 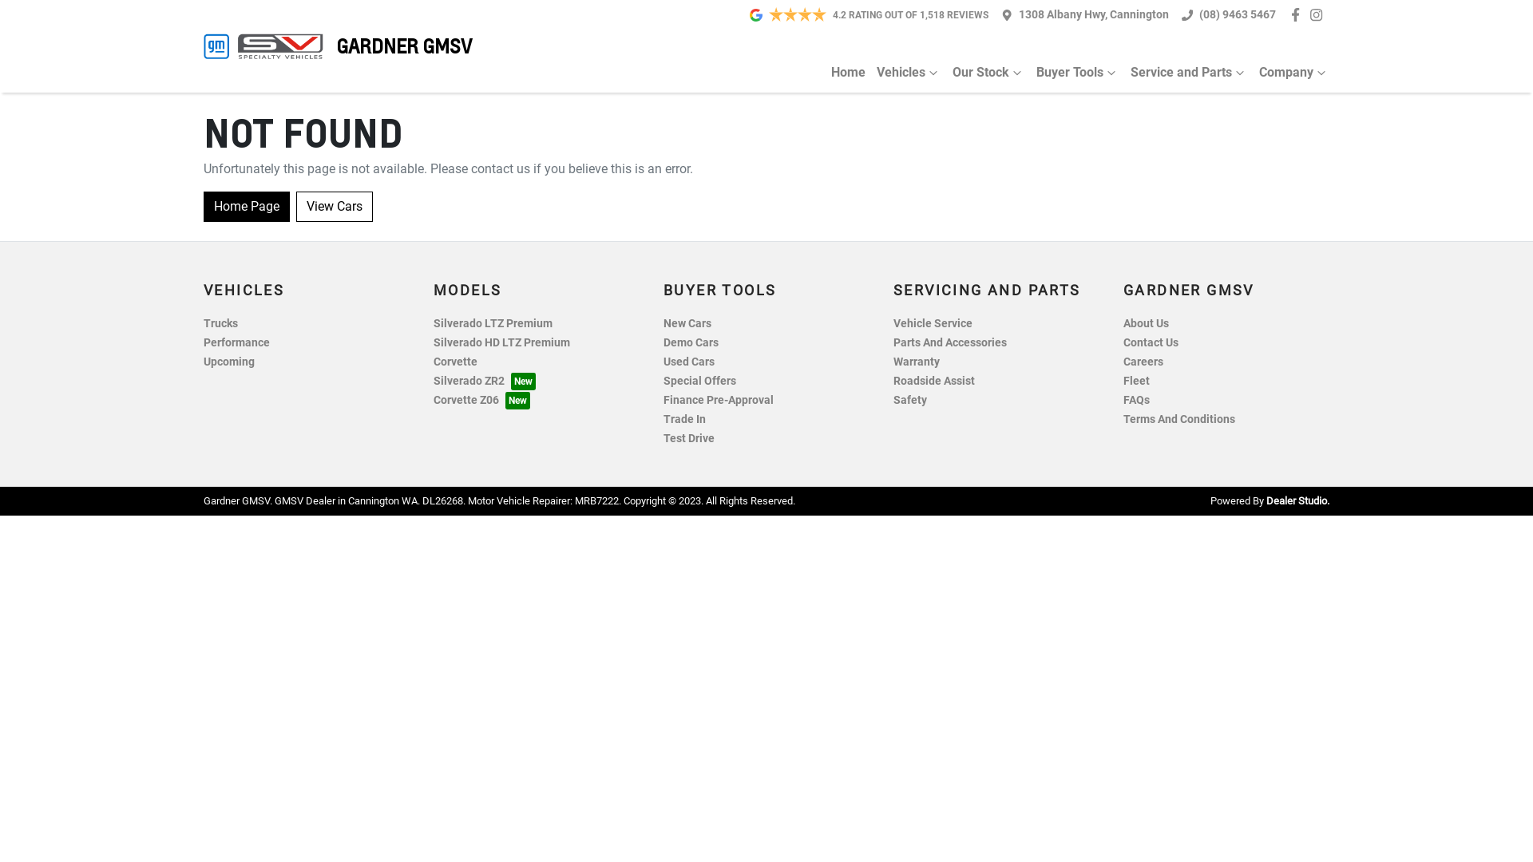 I want to click on 'Corvette', so click(x=454, y=362).